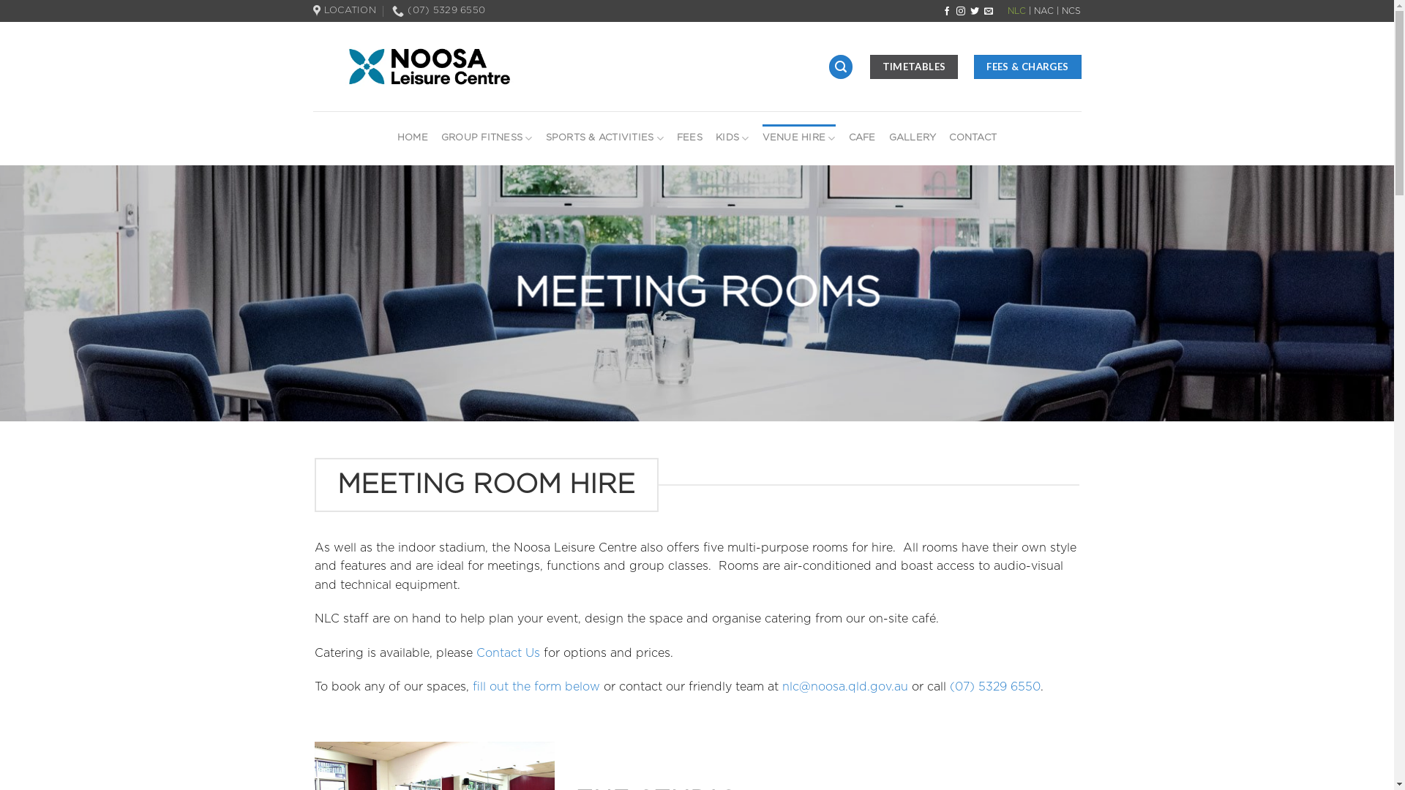  Describe the element at coordinates (947, 11) in the screenshot. I see `'Follow on Facebook'` at that location.